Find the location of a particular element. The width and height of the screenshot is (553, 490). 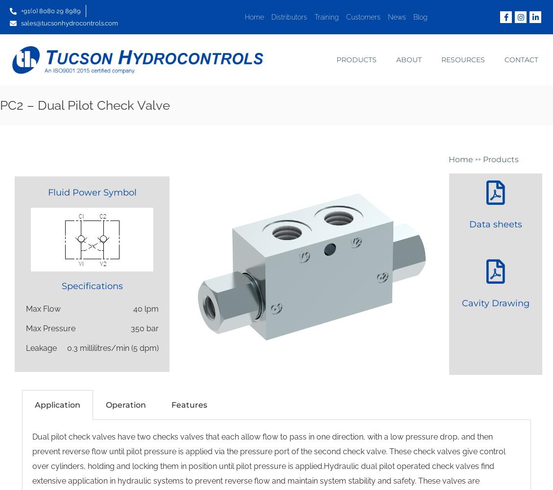

'Ball Valves' is located at coordinates (337, 85).